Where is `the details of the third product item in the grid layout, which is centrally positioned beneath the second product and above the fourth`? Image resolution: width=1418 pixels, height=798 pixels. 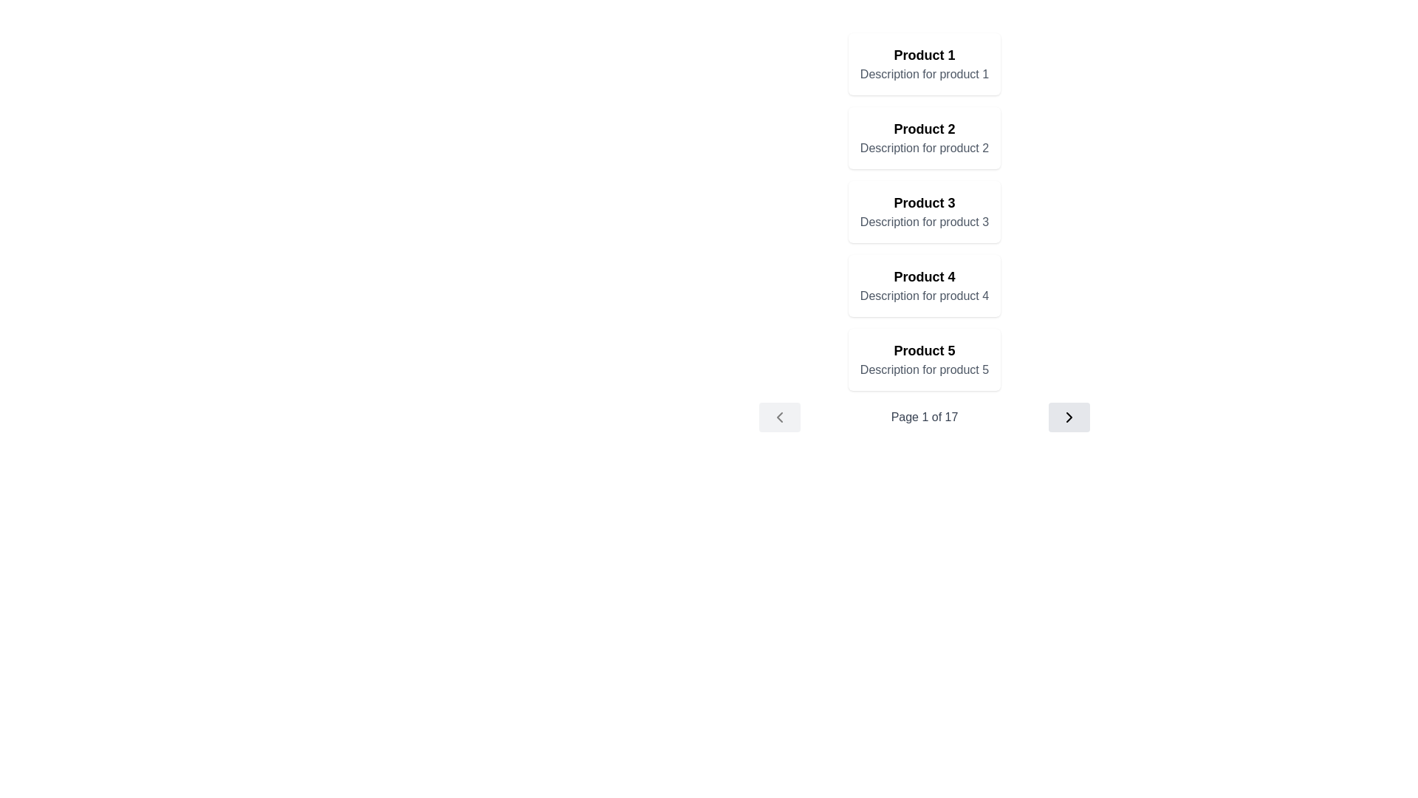
the details of the third product item in the grid layout, which is centrally positioned beneath the second product and above the fourth is located at coordinates (924, 211).